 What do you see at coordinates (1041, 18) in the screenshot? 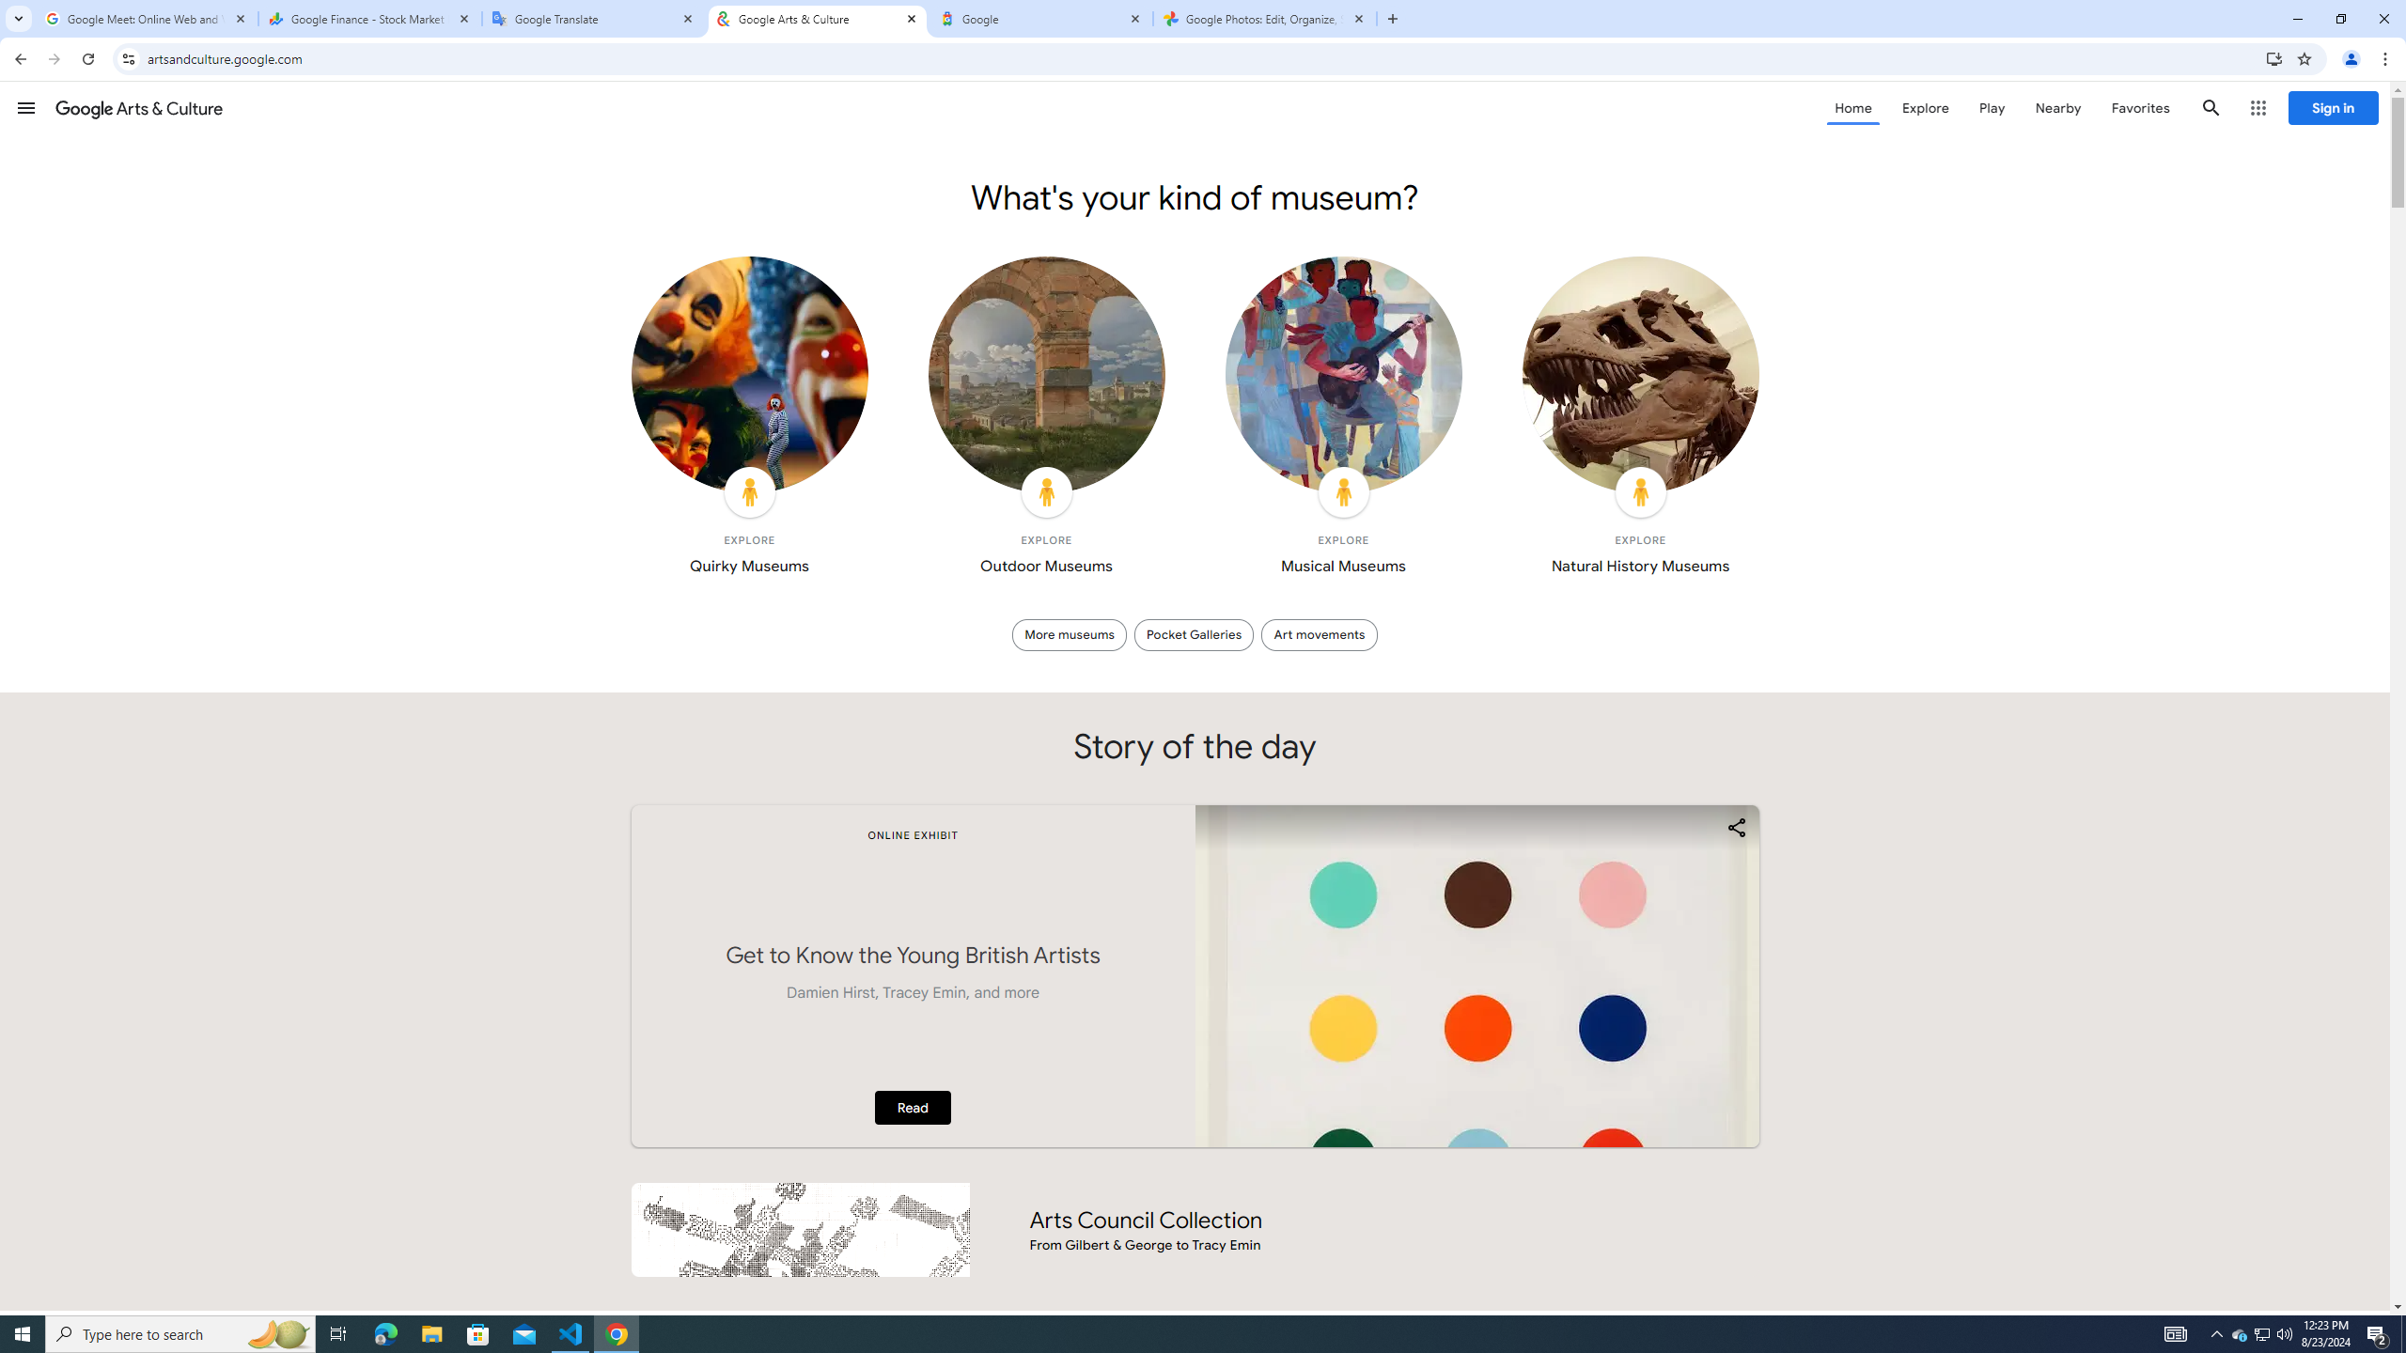
I see `'Google'` at bounding box center [1041, 18].